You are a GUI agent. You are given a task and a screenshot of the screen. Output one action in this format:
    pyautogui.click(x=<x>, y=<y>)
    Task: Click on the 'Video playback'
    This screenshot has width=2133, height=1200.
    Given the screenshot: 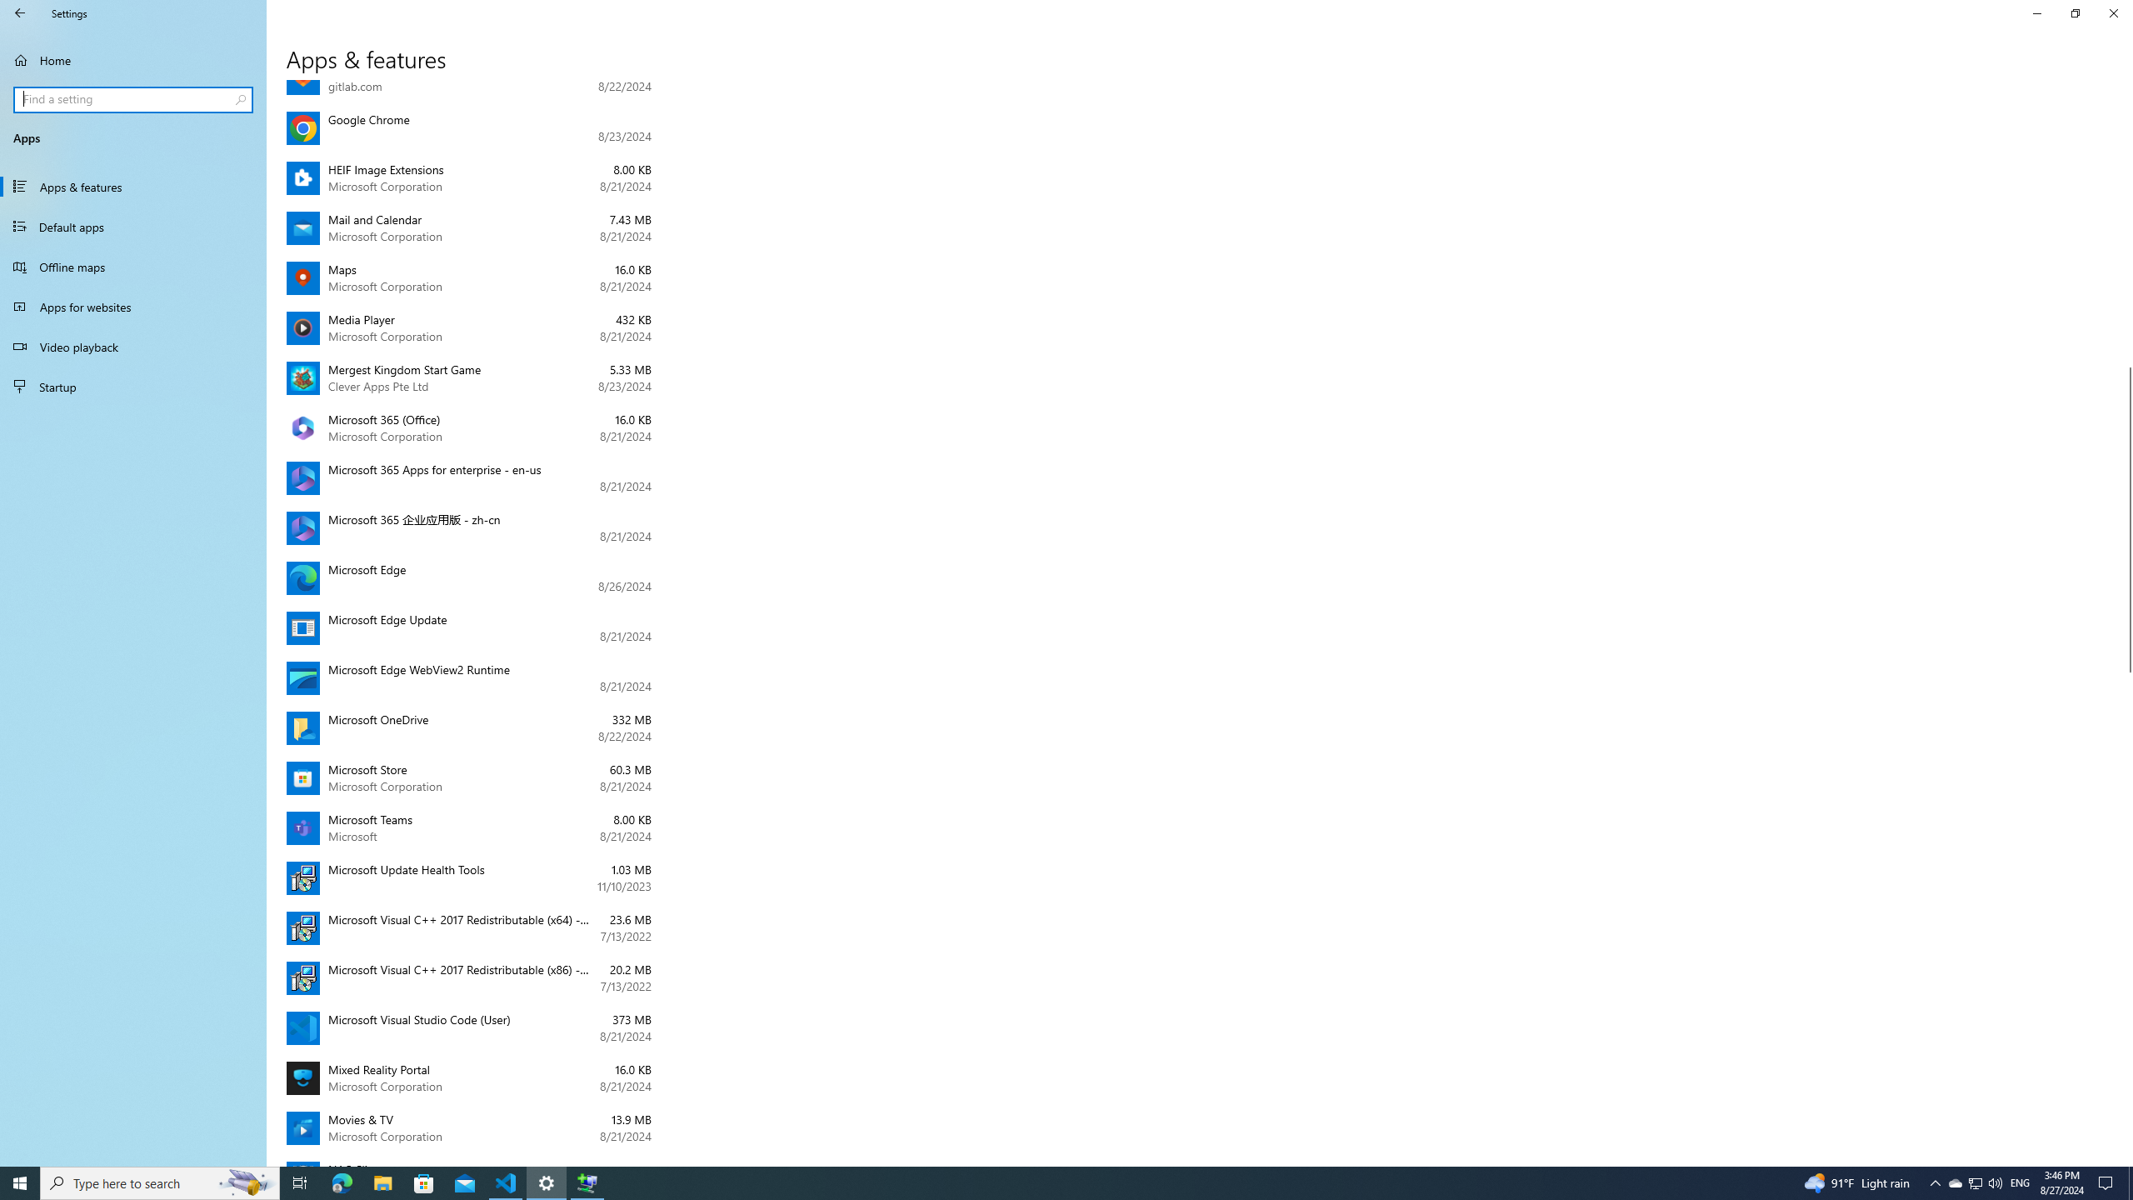 What is the action you would take?
    pyautogui.click(x=132, y=346)
    